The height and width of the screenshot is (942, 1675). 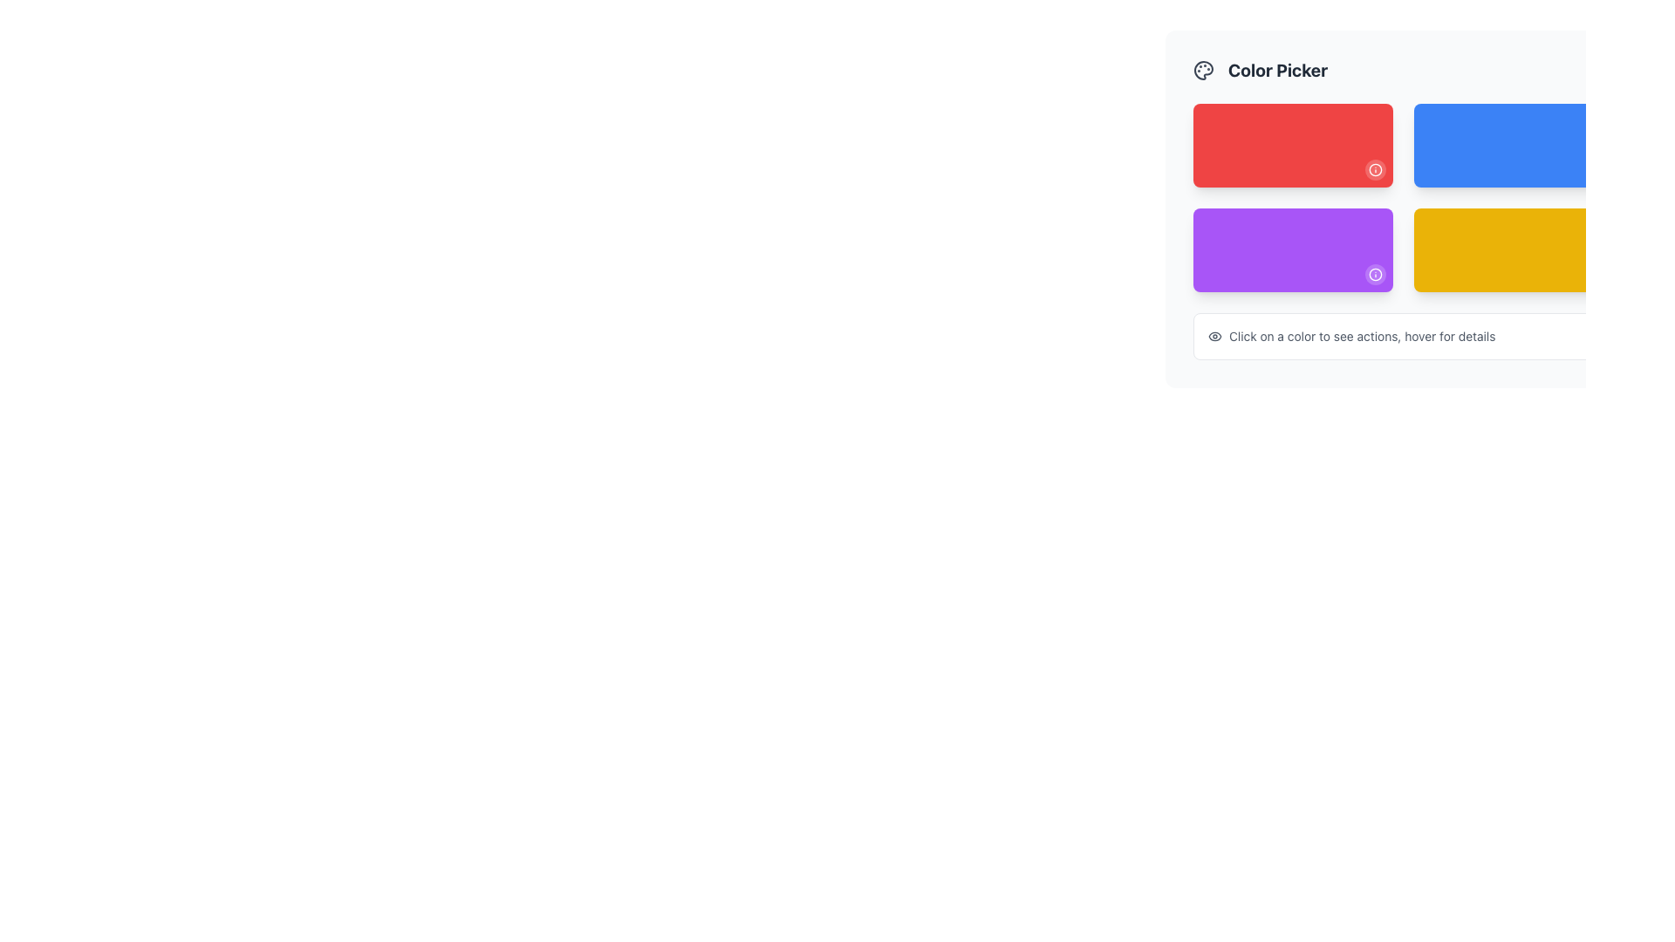 I want to click on the large rectangular button with a purple background located in the second row of a grid layout, leftmost column, for keyboard interaction, so click(x=1293, y=249).